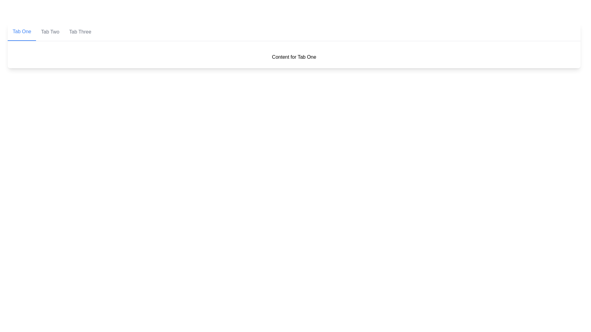 The width and height of the screenshot is (591, 332). Describe the element at coordinates (79, 32) in the screenshot. I see `the tab Tab Three` at that location.